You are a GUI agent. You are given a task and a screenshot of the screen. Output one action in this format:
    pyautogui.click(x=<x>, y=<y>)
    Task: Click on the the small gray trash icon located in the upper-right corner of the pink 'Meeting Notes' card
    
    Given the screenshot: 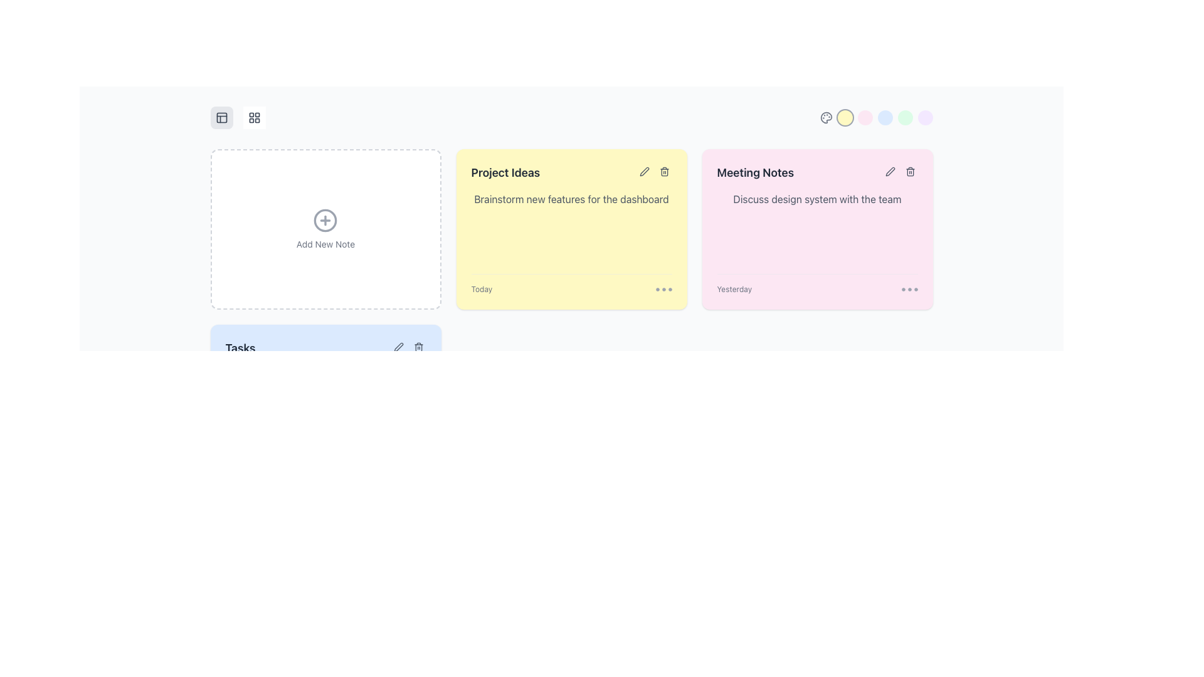 What is the action you would take?
    pyautogui.click(x=910, y=171)
    